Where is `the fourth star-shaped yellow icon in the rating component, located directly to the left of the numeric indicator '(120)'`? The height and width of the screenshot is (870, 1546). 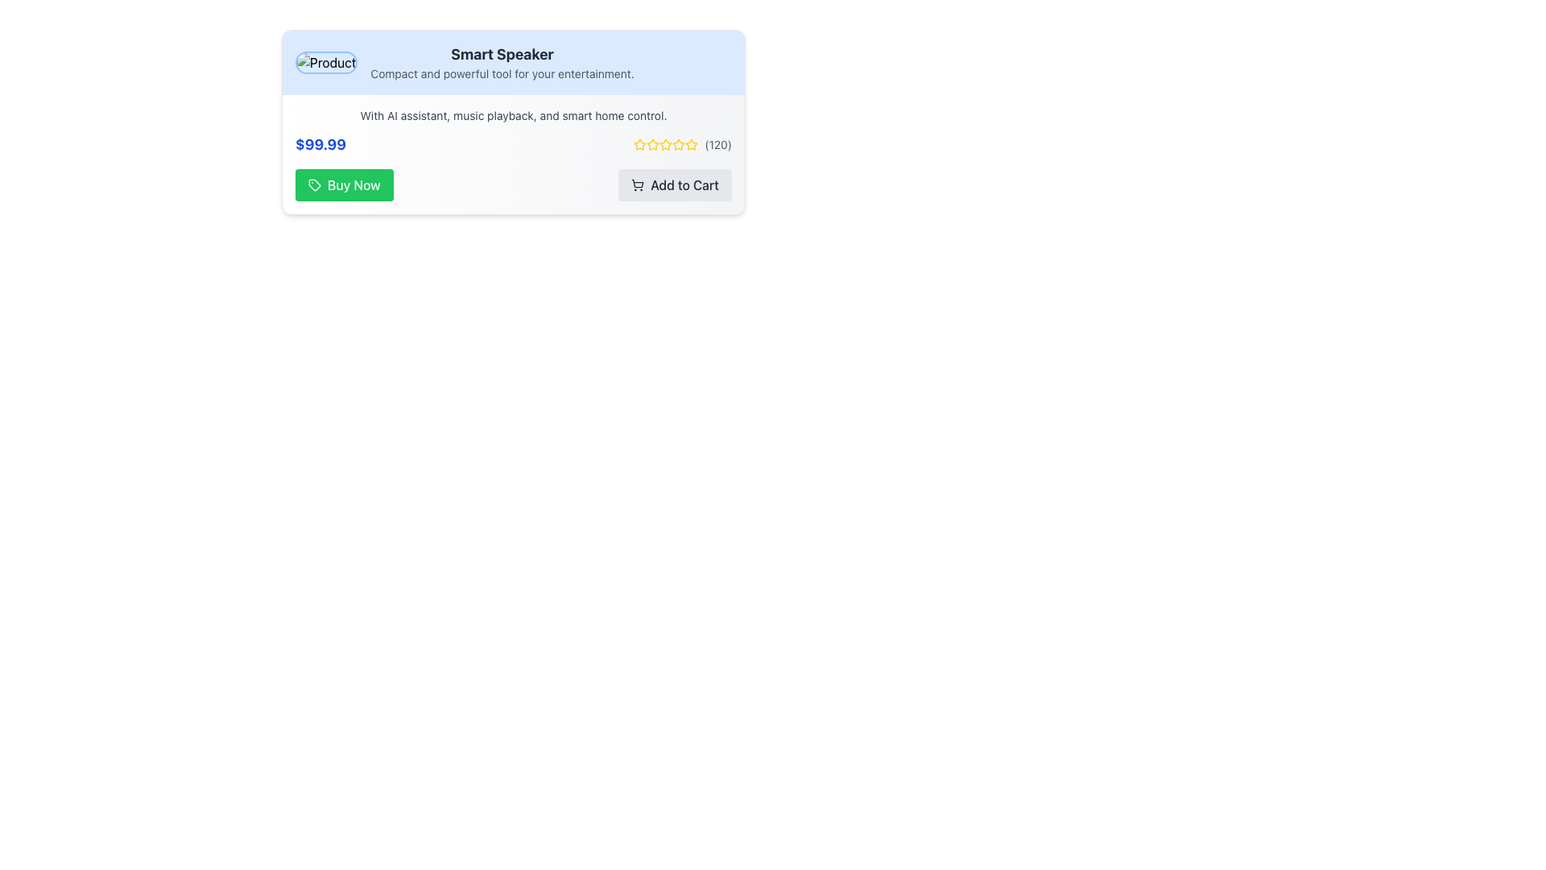 the fourth star-shaped yellow icon in the rating component, located directly to the left of the numeric indicator '(120)' is located at coordinates (679, 145).